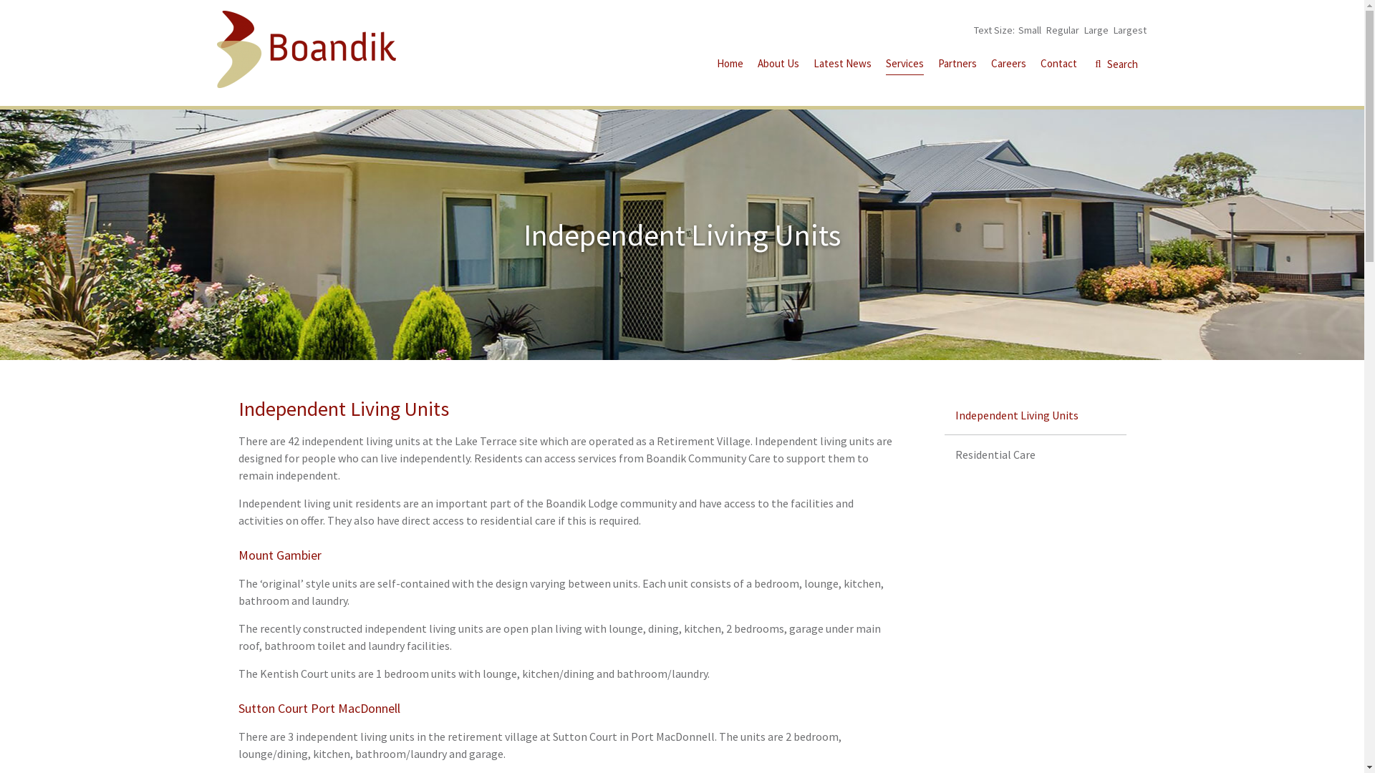 This screenshot has height=773, width=1375. Describe the element at coordinates (216, 49) in the screenshot. I see `'Boandik'` at that location.